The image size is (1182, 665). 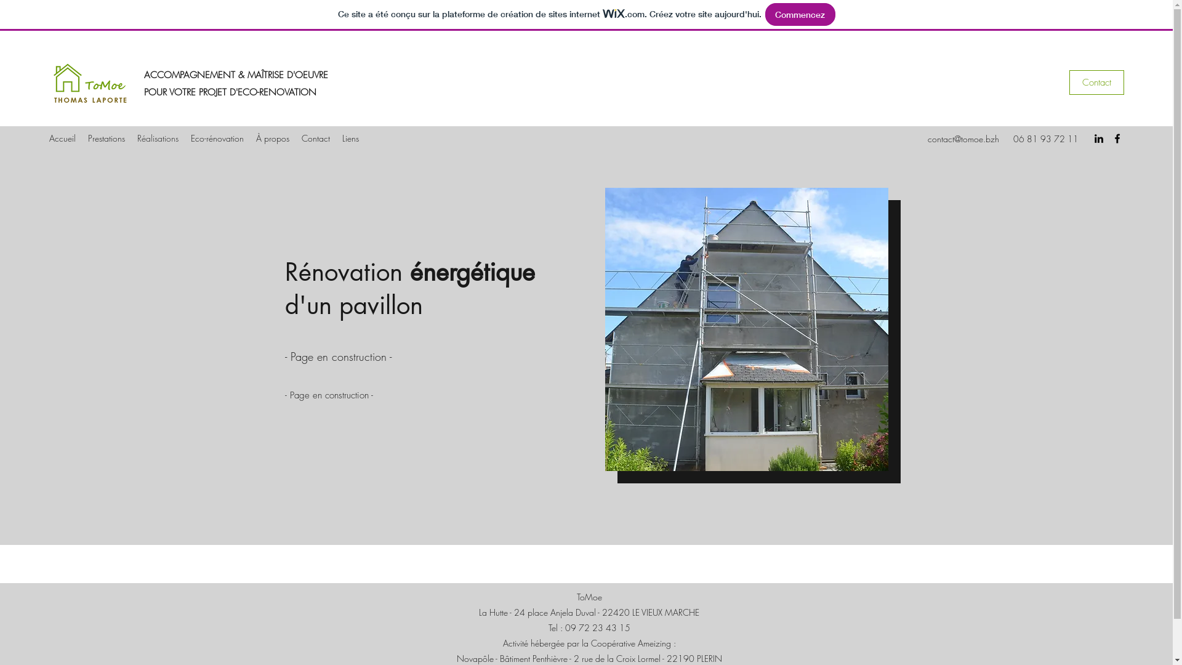 What do you see at coordinates (350, 138) in the screenshot?
I see `'Liens'` at bounding box center [350, 138].